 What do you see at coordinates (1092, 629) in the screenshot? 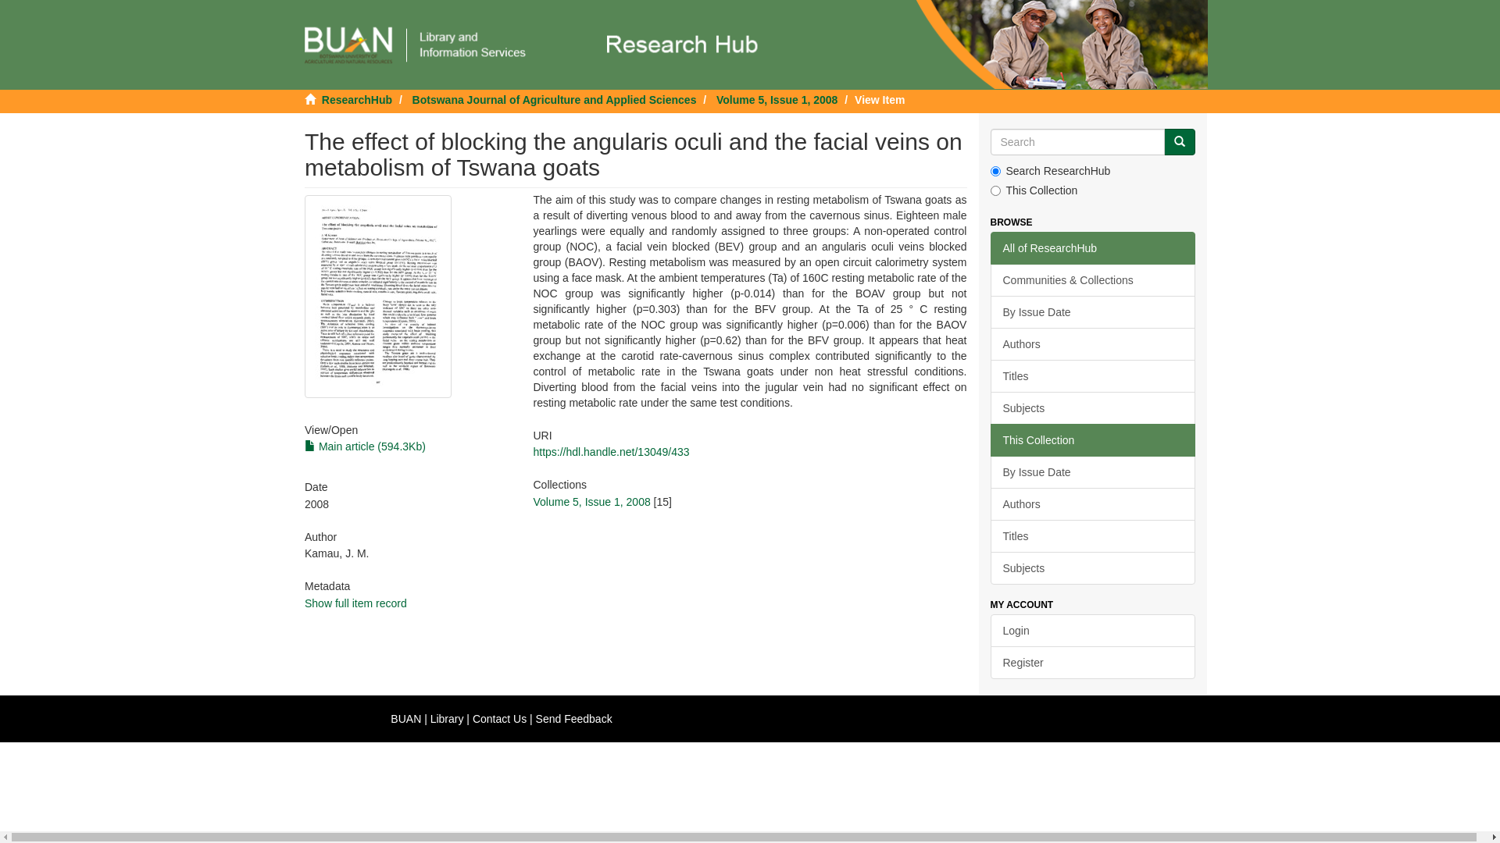
I see `'Login'` at bounding box center [1092, 629].